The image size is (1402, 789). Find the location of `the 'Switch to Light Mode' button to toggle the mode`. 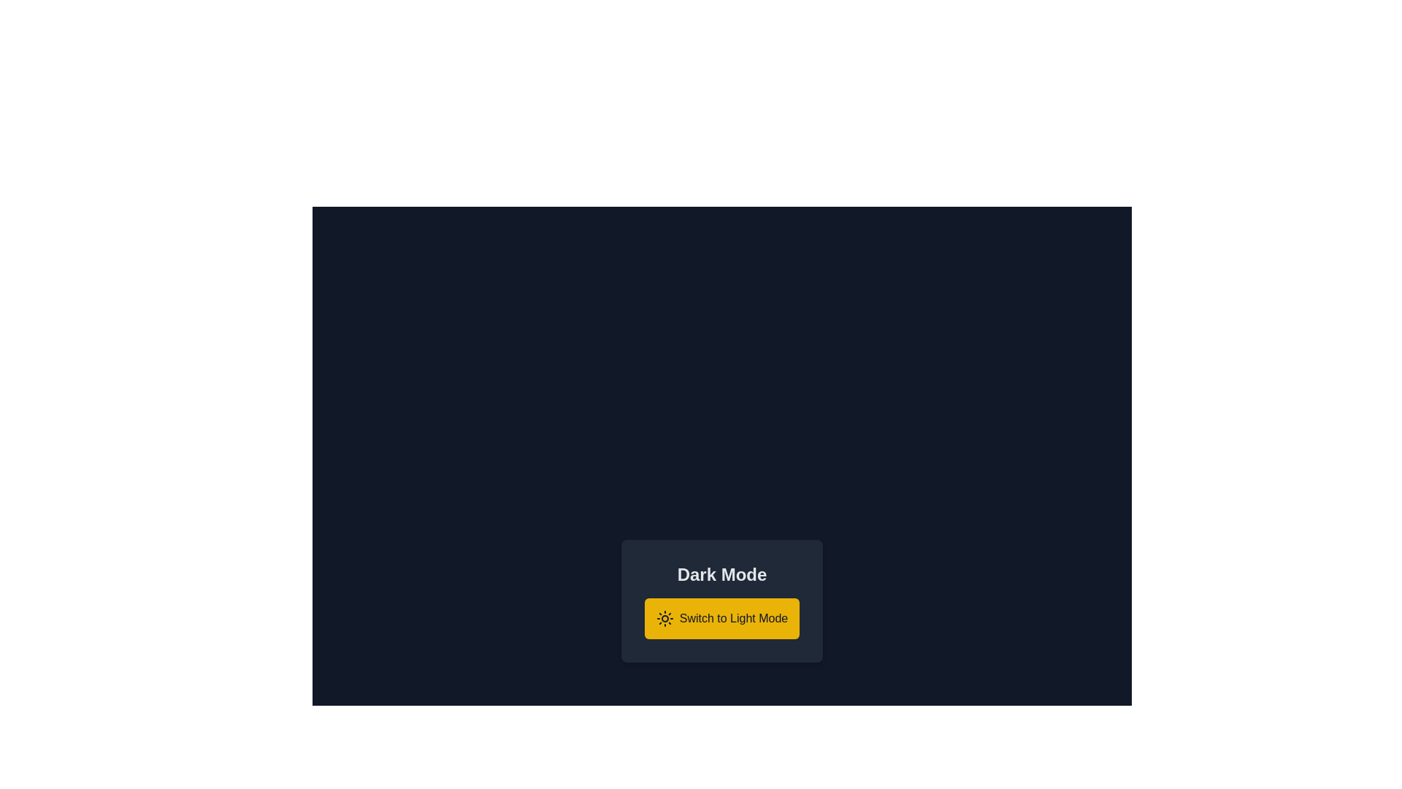

the 'Switch to Light Mode' button to toggle the mode is located at coordinates (721, 619).